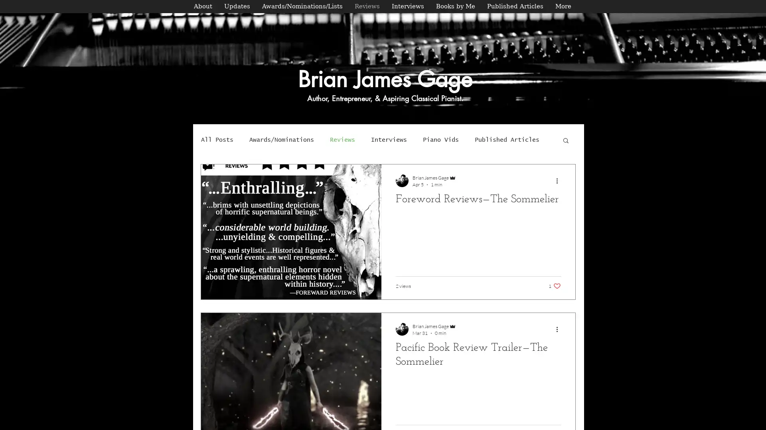  I want to click on More actions, so click(559, 180).